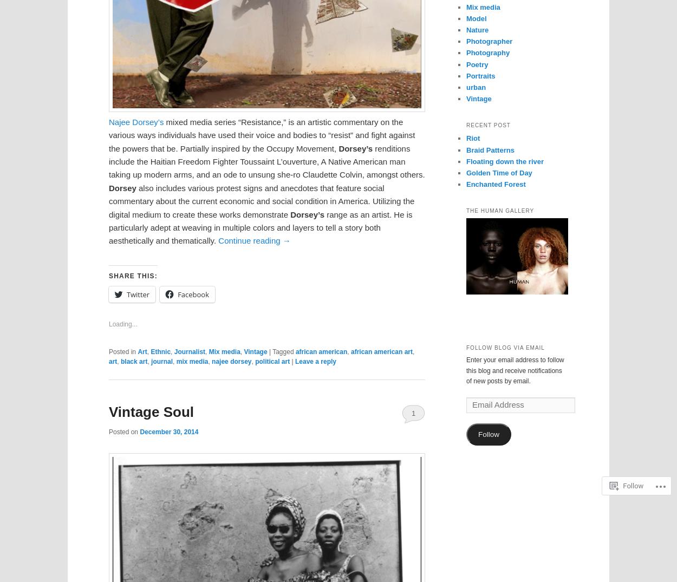 The height and width of the screenshot is (582, 677). What do you see at coordinates (505, 348) in the screenshot?
I see `'Follow Blog via Email'` at bounding box center [505, 348].